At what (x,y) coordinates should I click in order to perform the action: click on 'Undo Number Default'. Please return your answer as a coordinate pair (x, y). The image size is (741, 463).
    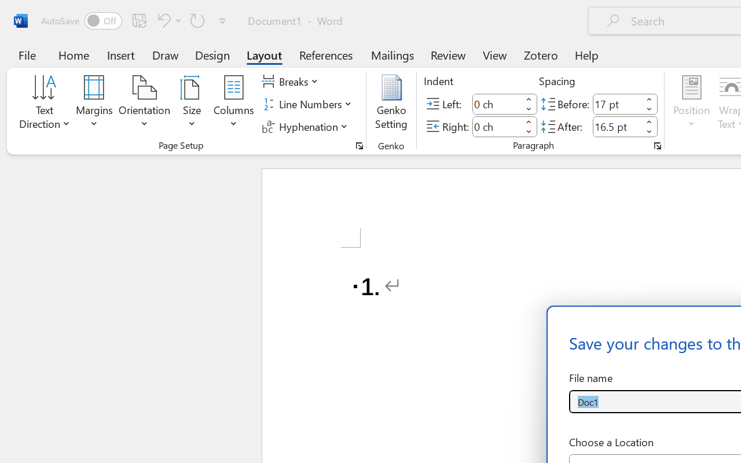
    Looking at the image, I should click on (167, 20).